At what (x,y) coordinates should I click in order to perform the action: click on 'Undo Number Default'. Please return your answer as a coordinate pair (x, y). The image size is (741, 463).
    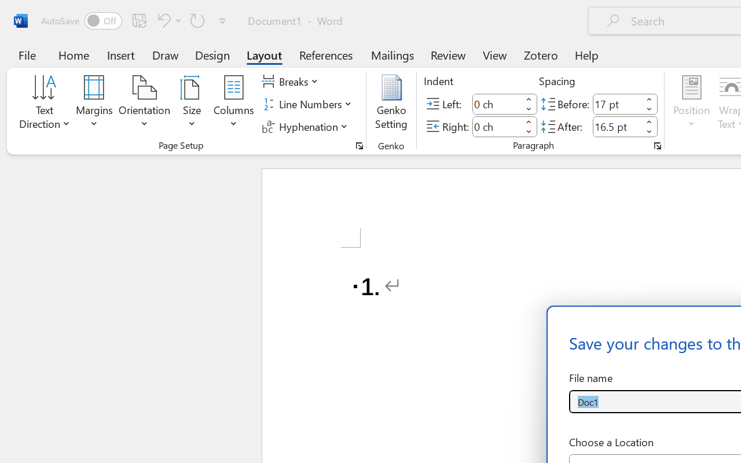
    Looking at the image, I should click on (167, 20).